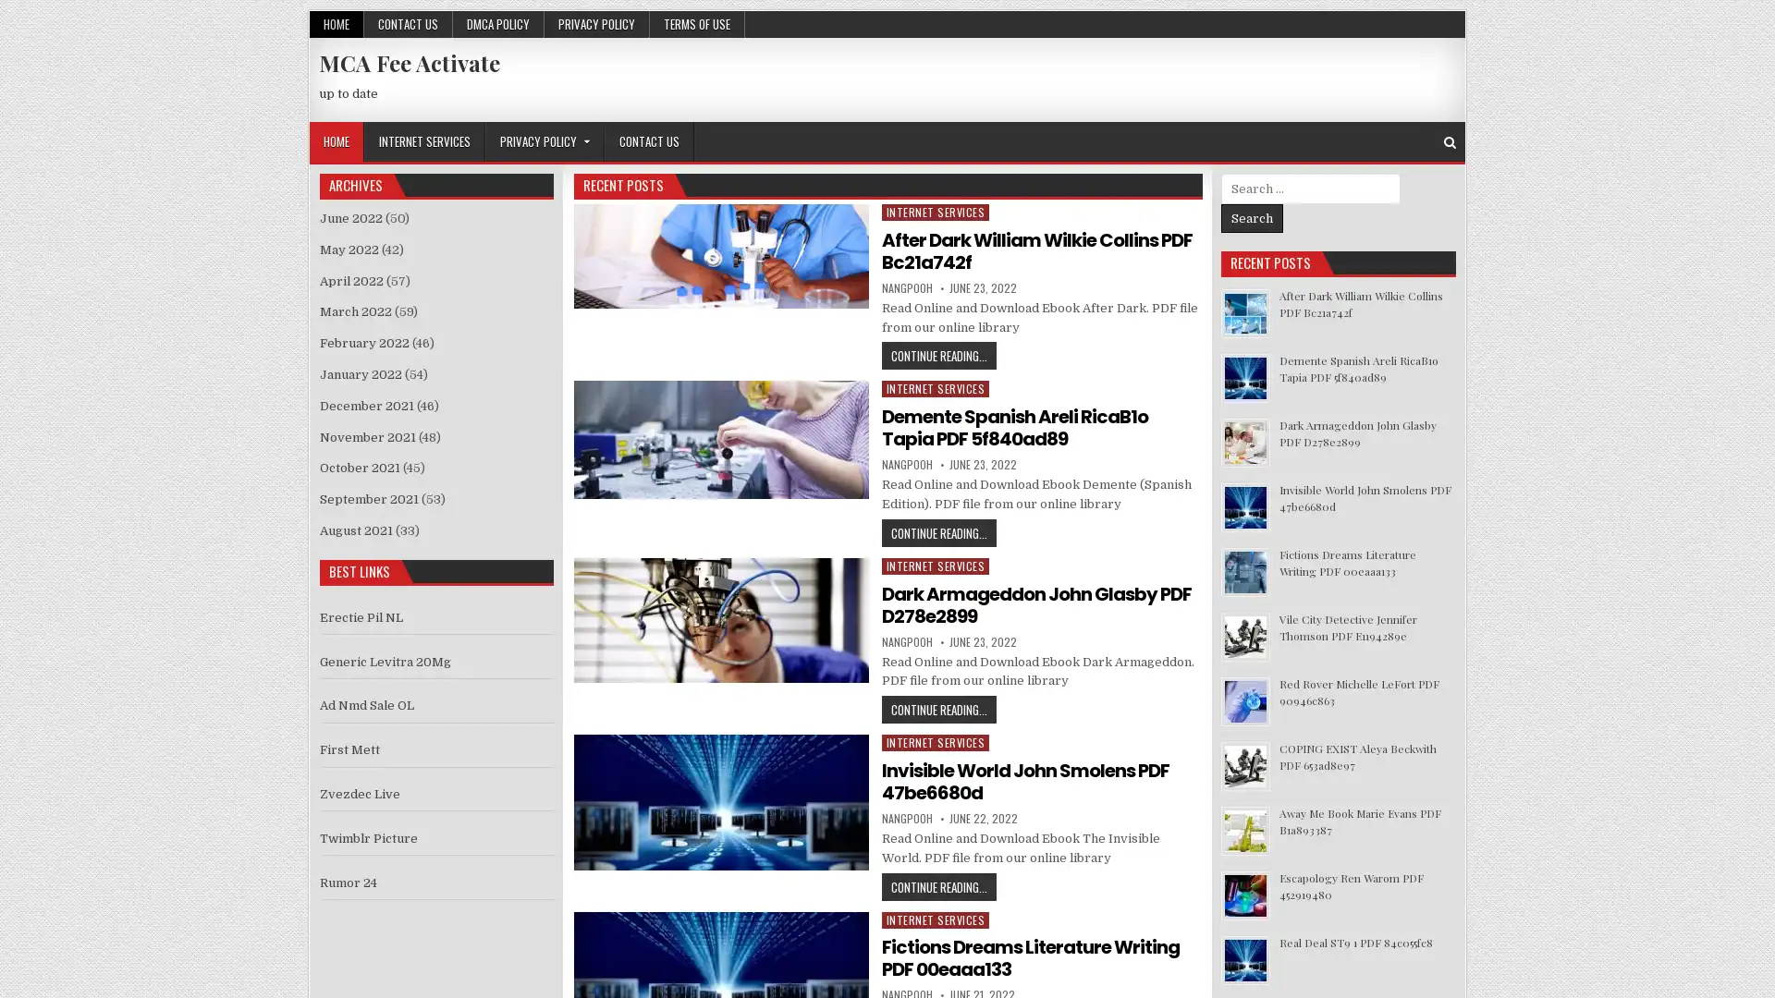 The image size is (1775, 998). Describe the element at coordinates (1252, 217) in the screenshot. I see `Search` at that location.